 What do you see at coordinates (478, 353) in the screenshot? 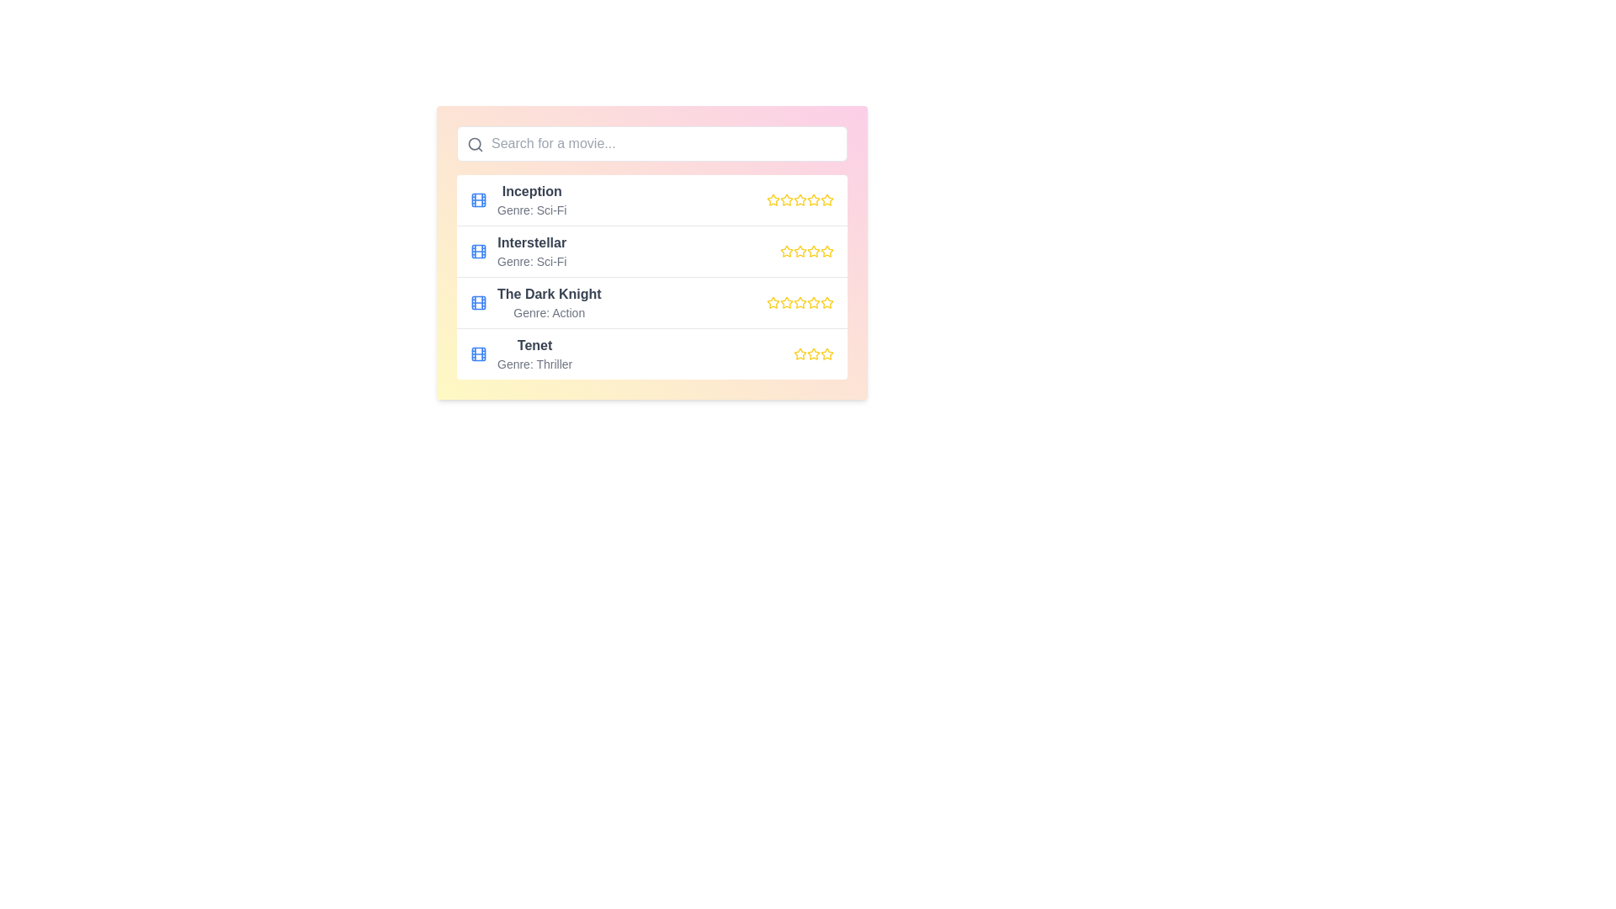
I see `the decorative component with rounded corners inside the film strip icon, located to the left of the movie title 'Tenet'` at bounding box center [478, 353].